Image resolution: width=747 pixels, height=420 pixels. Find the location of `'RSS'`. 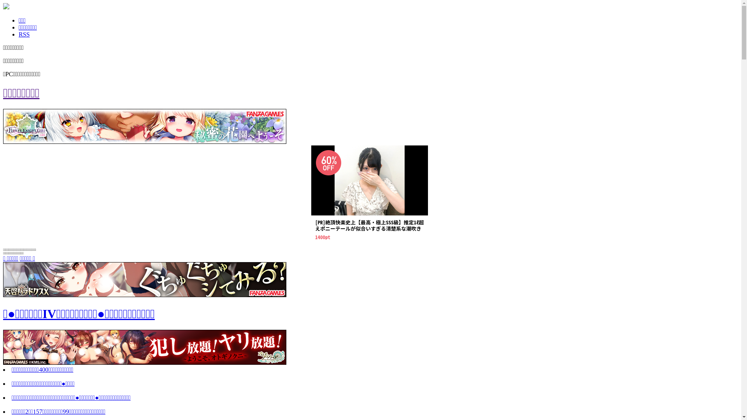

'RSS' is located at coordinates (24, 34).